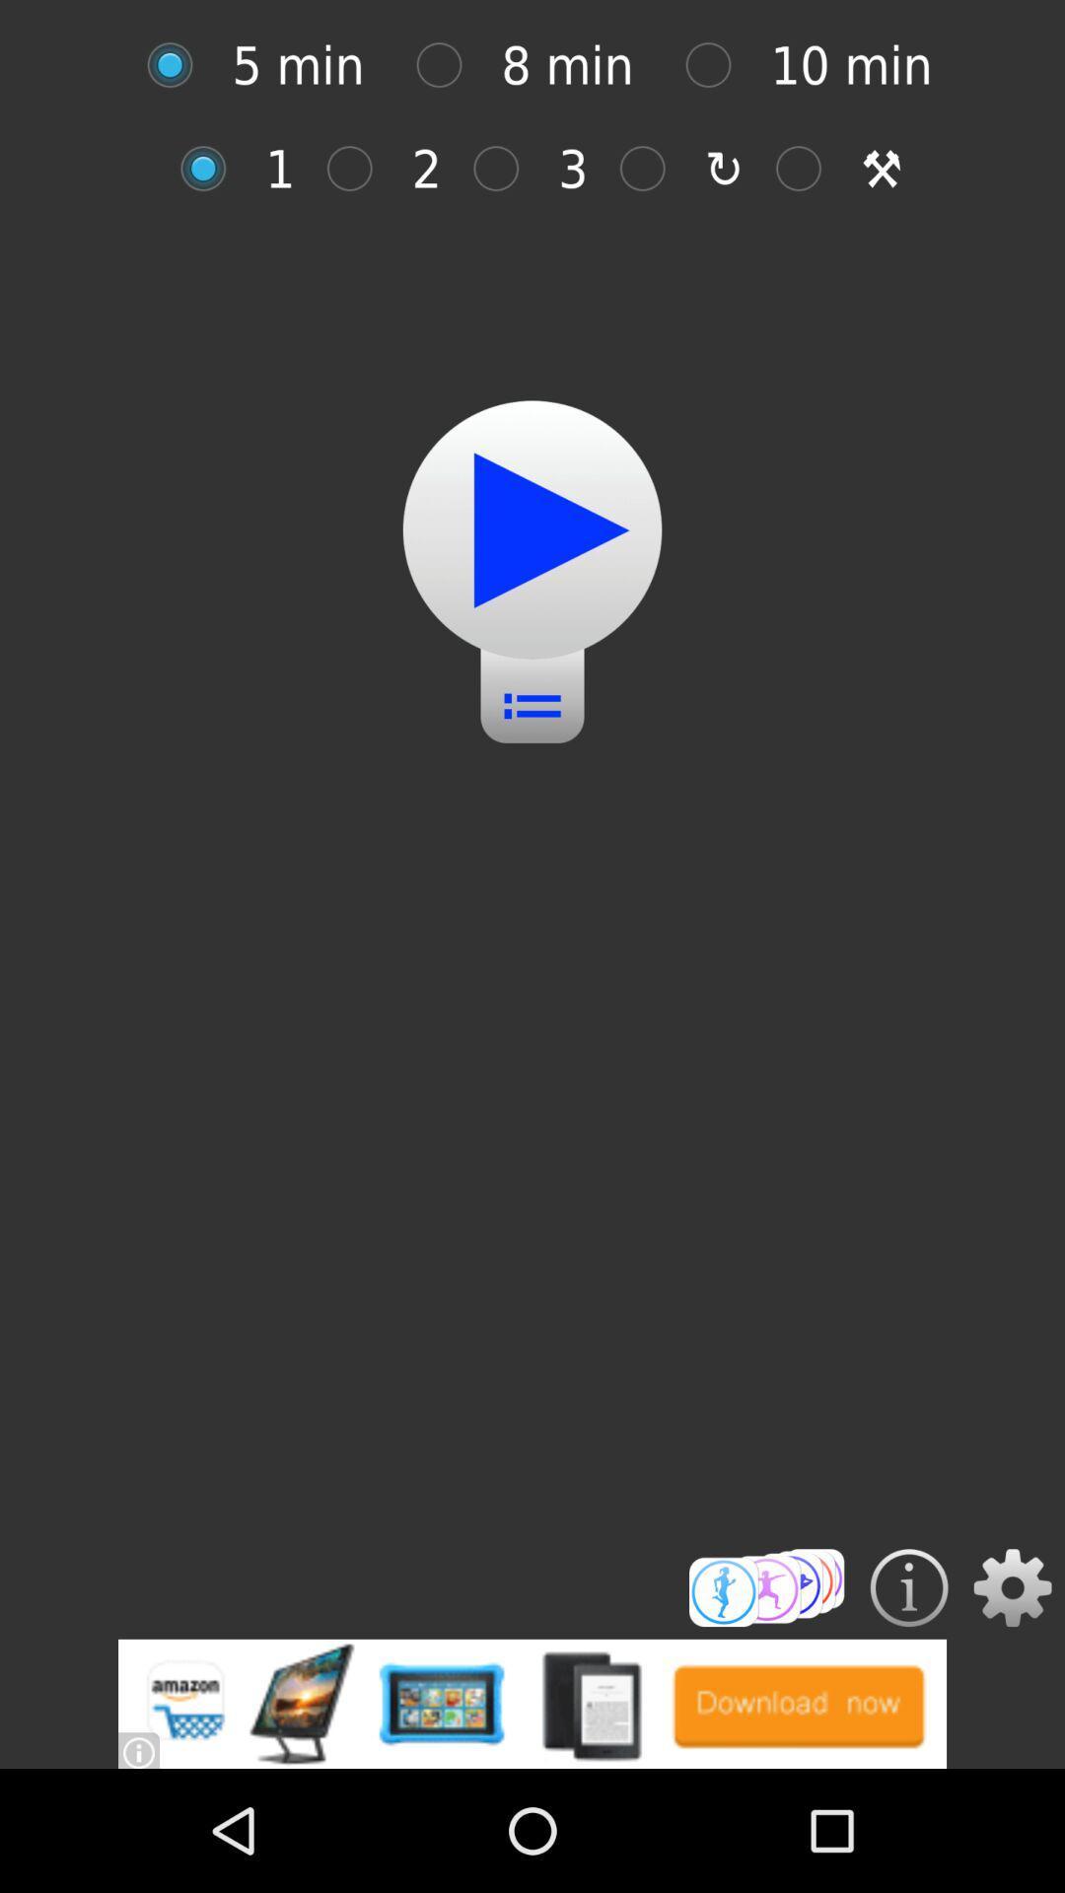 This screenshot has height=1893, width=1065. Describe the element at coordinates (449, 65) in the screenshot. I see `selection button` at that location.